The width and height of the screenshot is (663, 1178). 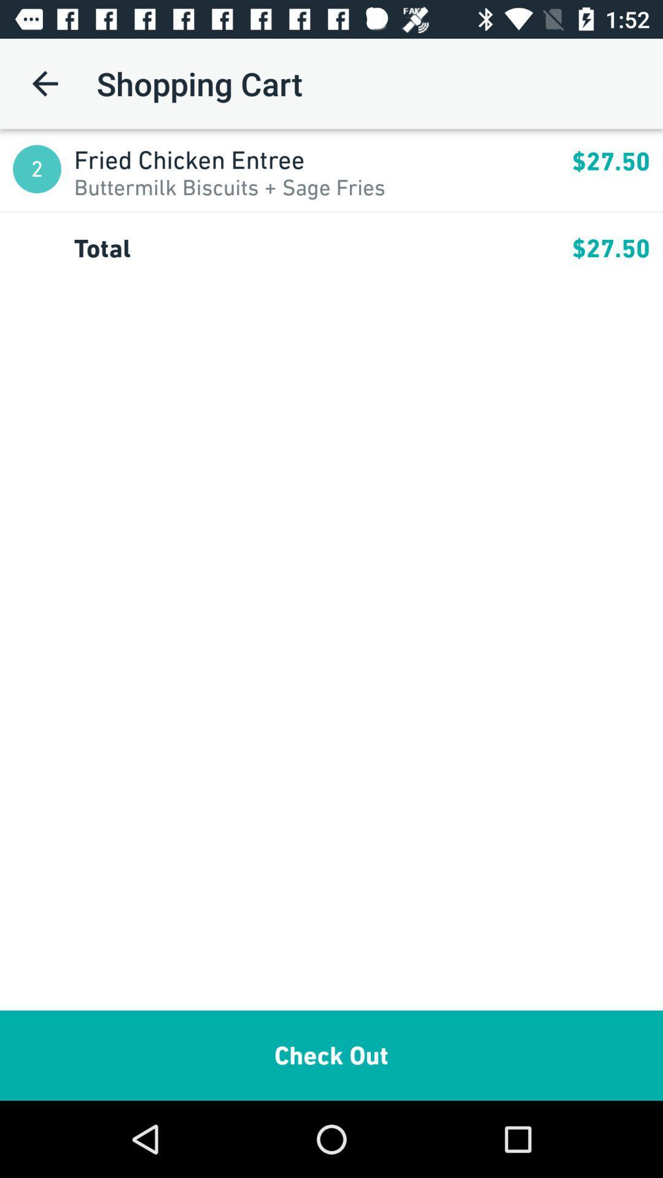 What do you see at coordinates (331, 212) in the screenshot?
I see `item below buttermilk biscuits sage app` at bounding box center [331, 212].